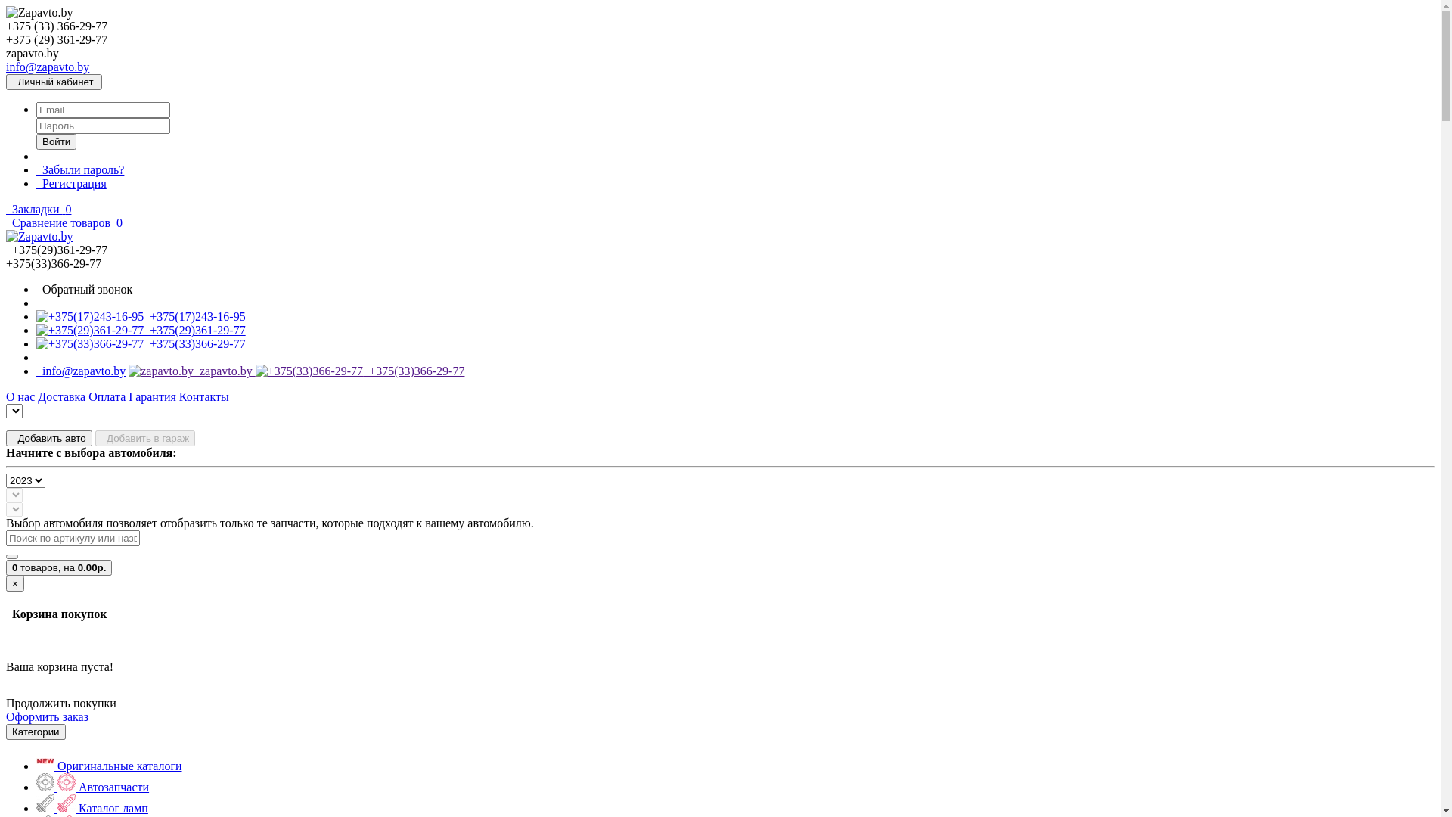 The image size is (1452, 817). Describe the element at coordinates (39, 236) in the screenshot. I see `'Zapavto.by'` at that location.